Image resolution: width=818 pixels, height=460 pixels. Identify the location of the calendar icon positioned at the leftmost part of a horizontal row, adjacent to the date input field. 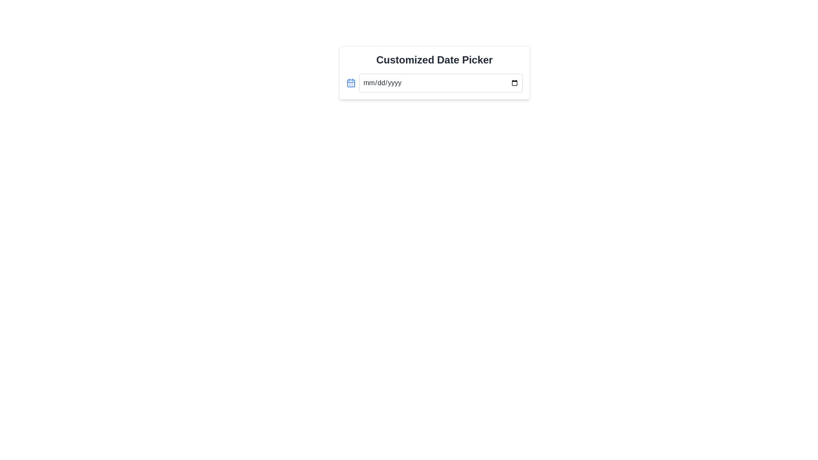
(351, 83).